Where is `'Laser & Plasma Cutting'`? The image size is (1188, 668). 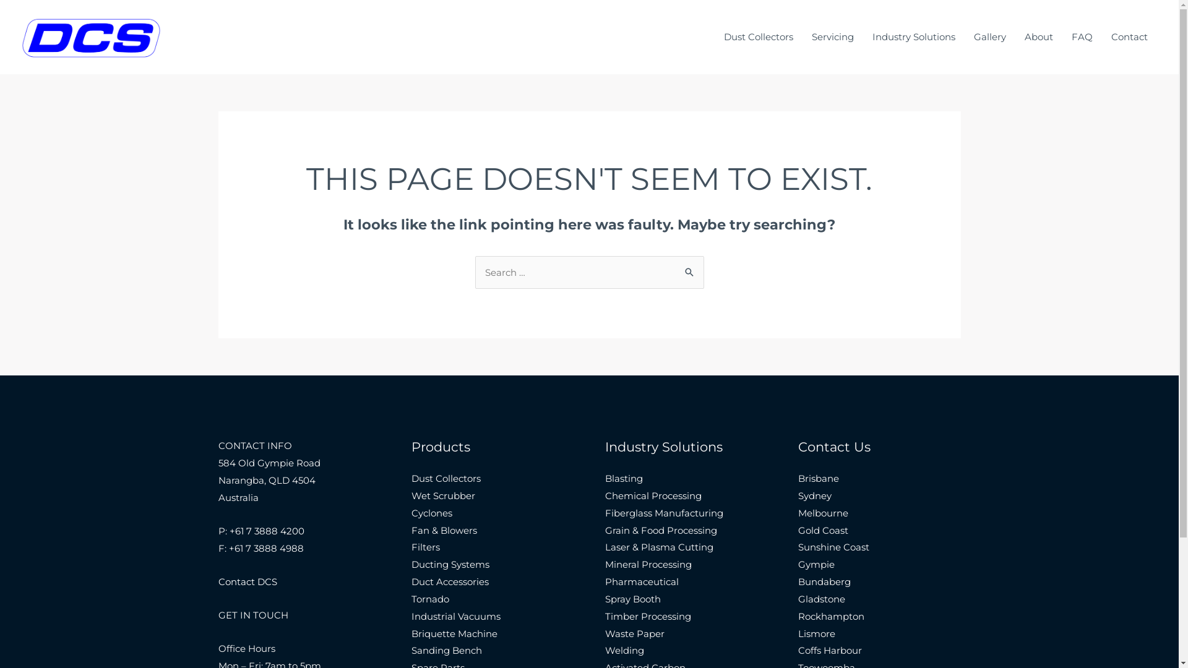
'Laser & Plasma Cutting' is located at coordinates (658, 546).